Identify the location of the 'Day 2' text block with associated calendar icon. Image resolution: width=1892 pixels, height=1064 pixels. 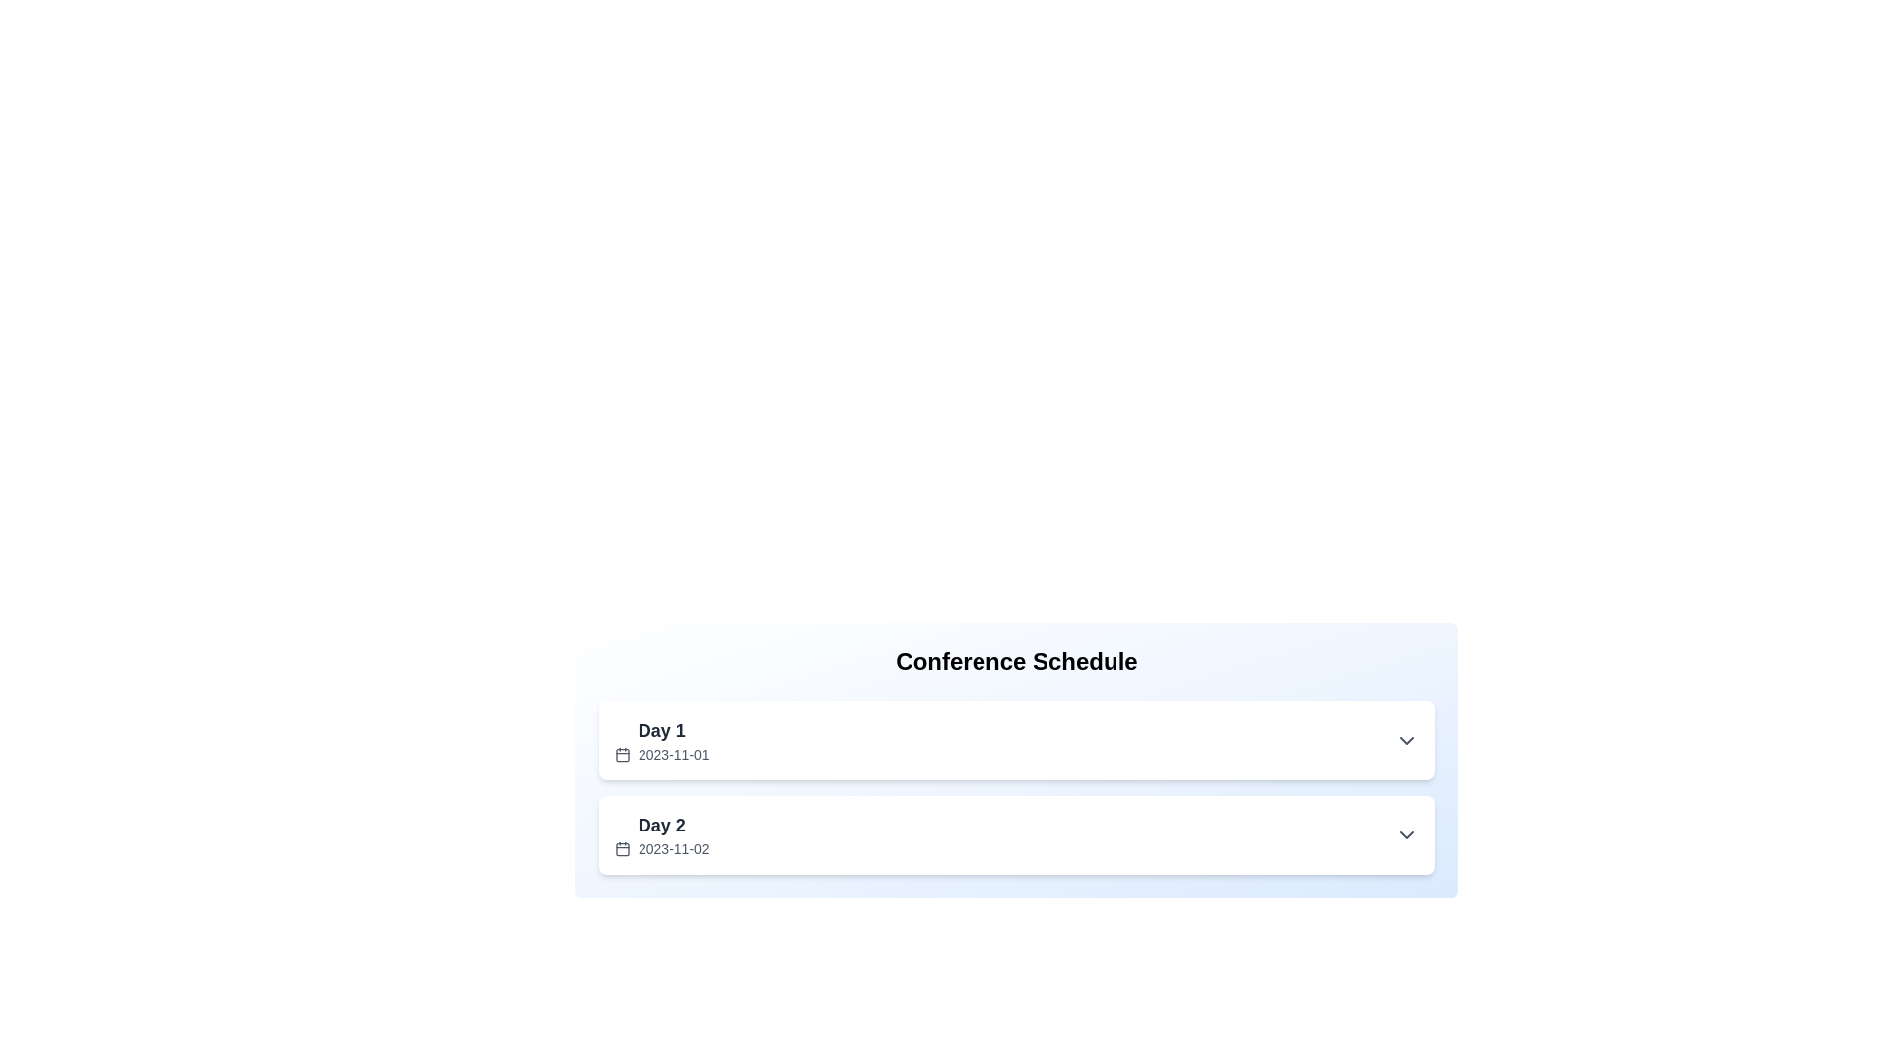
(661, 835).